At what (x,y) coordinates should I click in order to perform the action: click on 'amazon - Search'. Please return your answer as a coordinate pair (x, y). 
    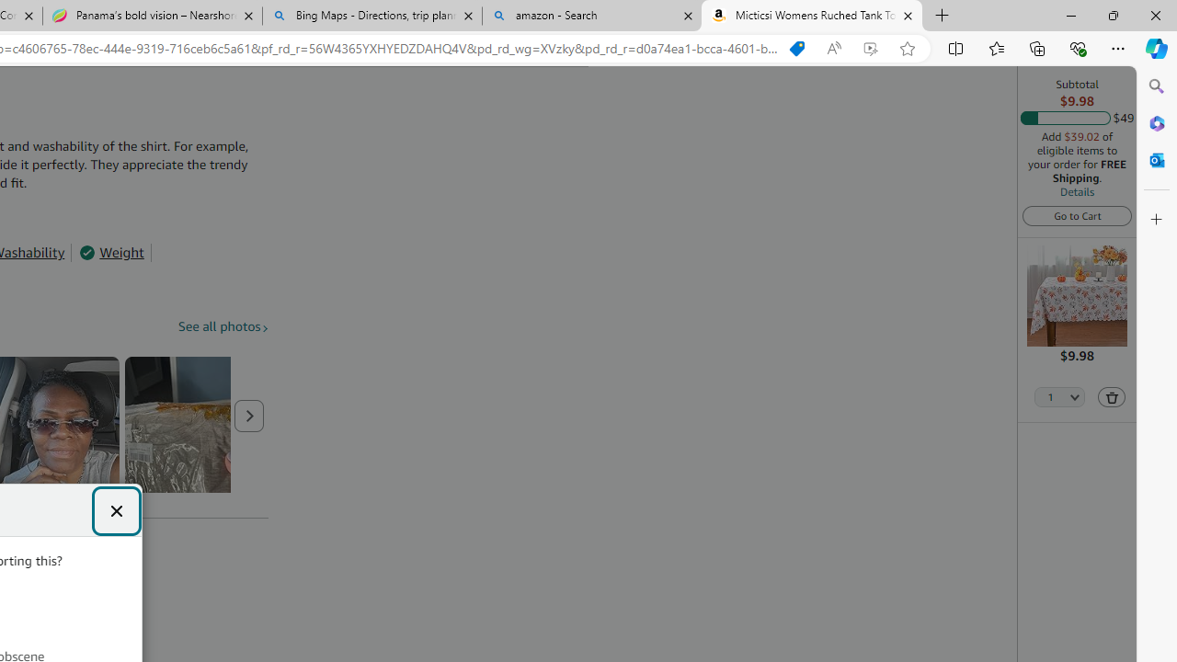
    Looking at the image, I should click on (591, 16).